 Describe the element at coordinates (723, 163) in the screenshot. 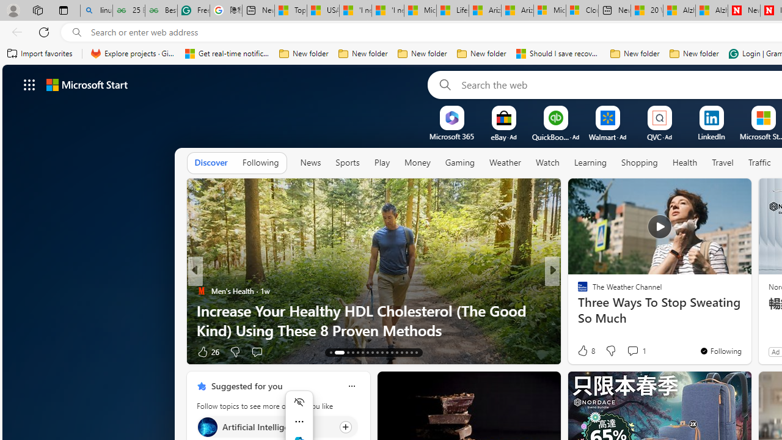

I see `'Travel'` at that location.